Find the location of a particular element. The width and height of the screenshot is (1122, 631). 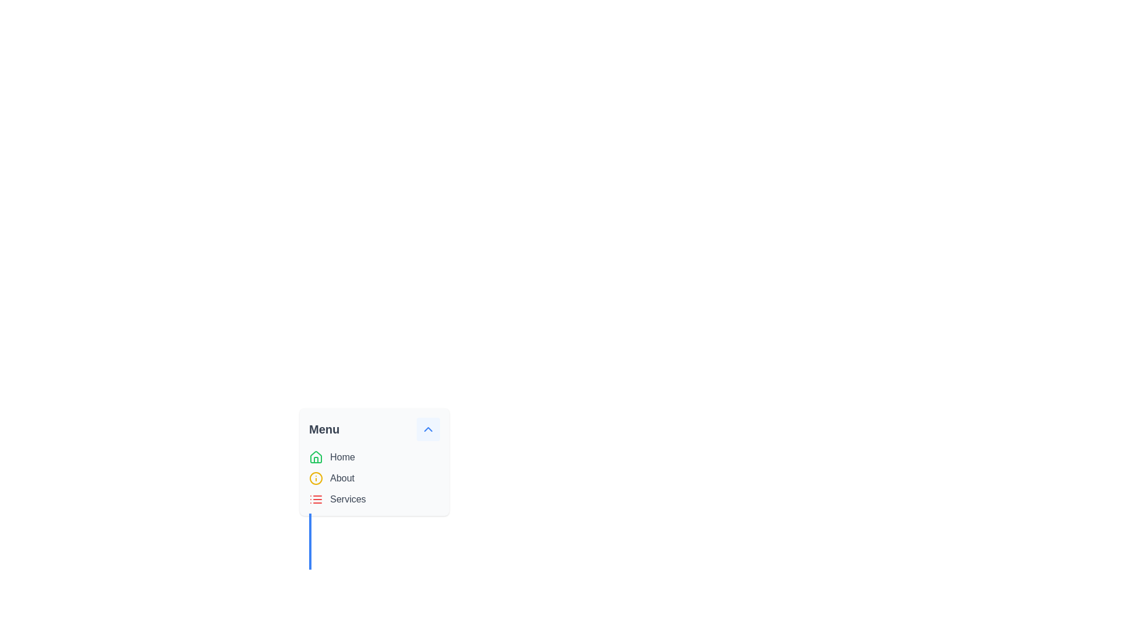

the text label that serves as a navigation option in the vertical menu below the title 'Menu' is located at coordinates (342, 457).